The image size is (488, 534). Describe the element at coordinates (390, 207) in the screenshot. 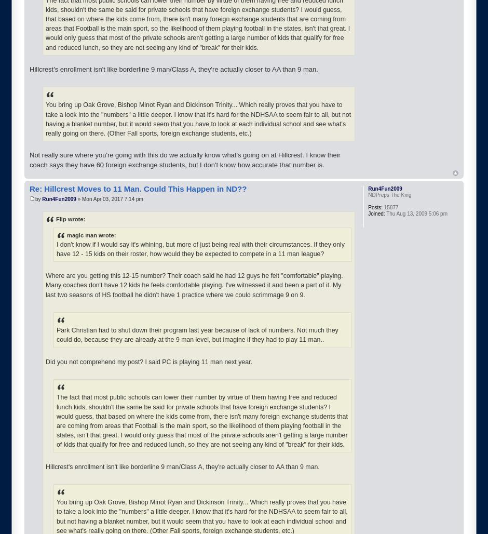

I see `'15877'` at that location.